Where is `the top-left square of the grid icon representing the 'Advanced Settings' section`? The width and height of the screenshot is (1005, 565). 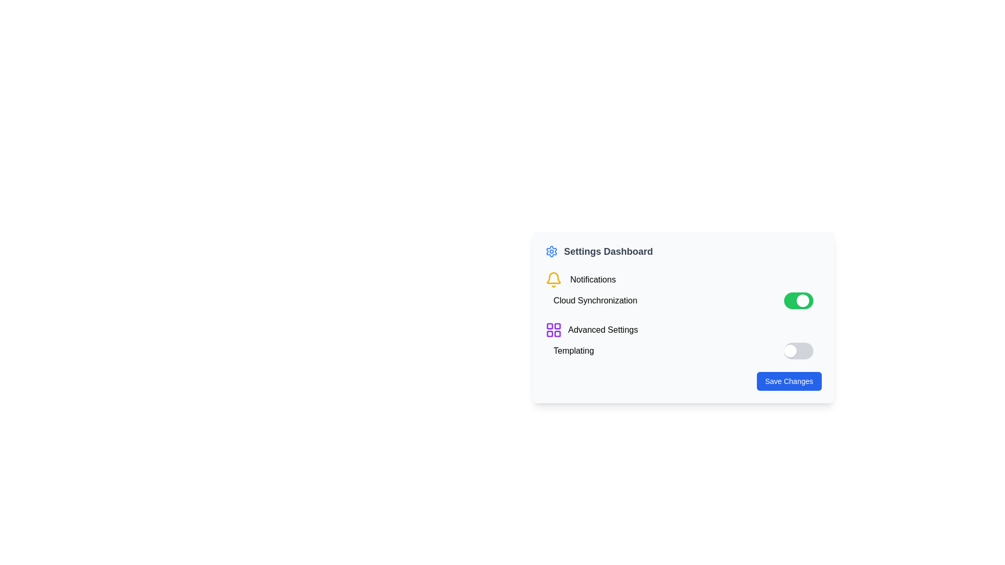
the top-left square of the grid icon representing the 'Advanced Settings' section is located at coordinates (549, 325).